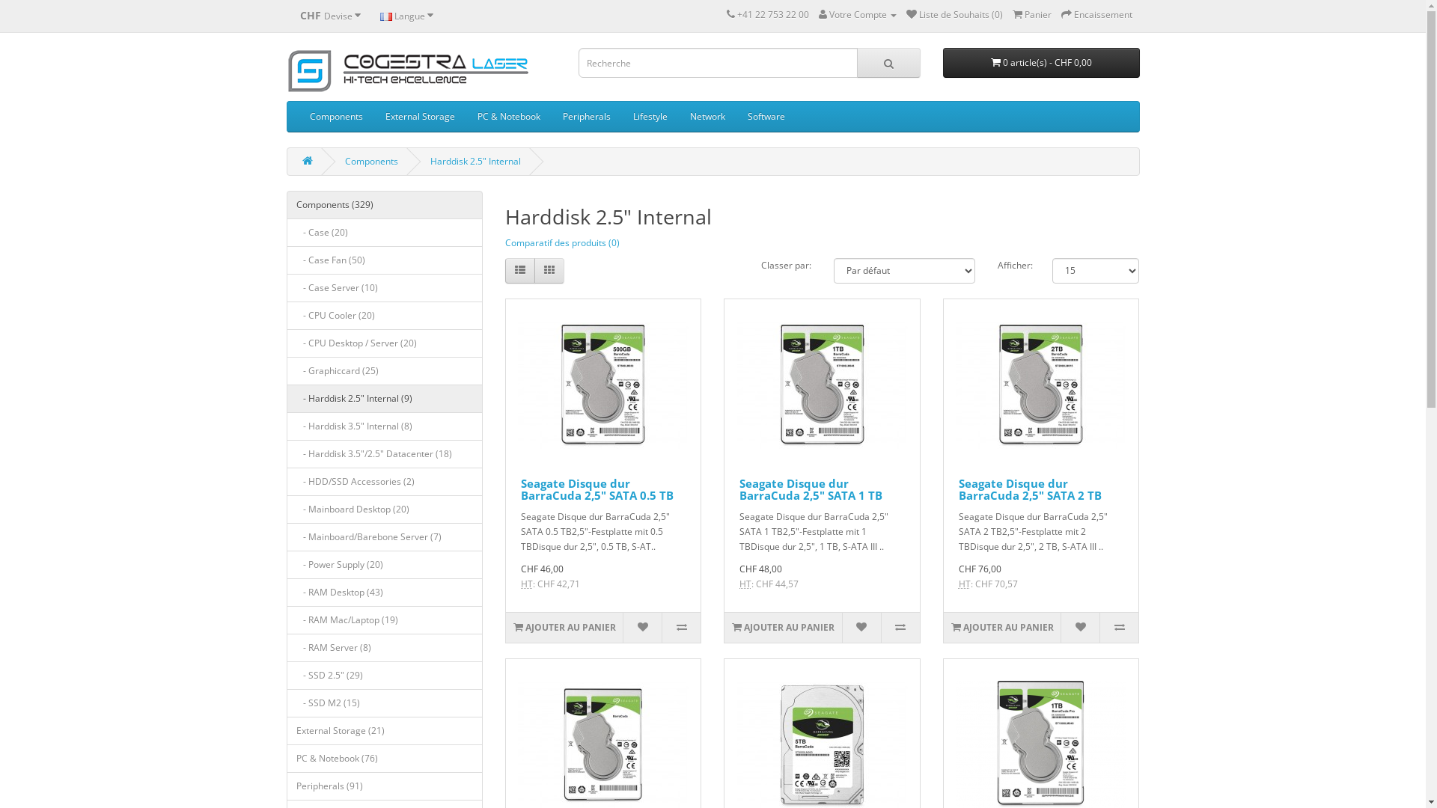 This screenshot has height=808, width=1437. What do you see at coordinates (1096, 14) in the screenshot?
I see `'Encaissement'` at bounding box center [1096, 14].